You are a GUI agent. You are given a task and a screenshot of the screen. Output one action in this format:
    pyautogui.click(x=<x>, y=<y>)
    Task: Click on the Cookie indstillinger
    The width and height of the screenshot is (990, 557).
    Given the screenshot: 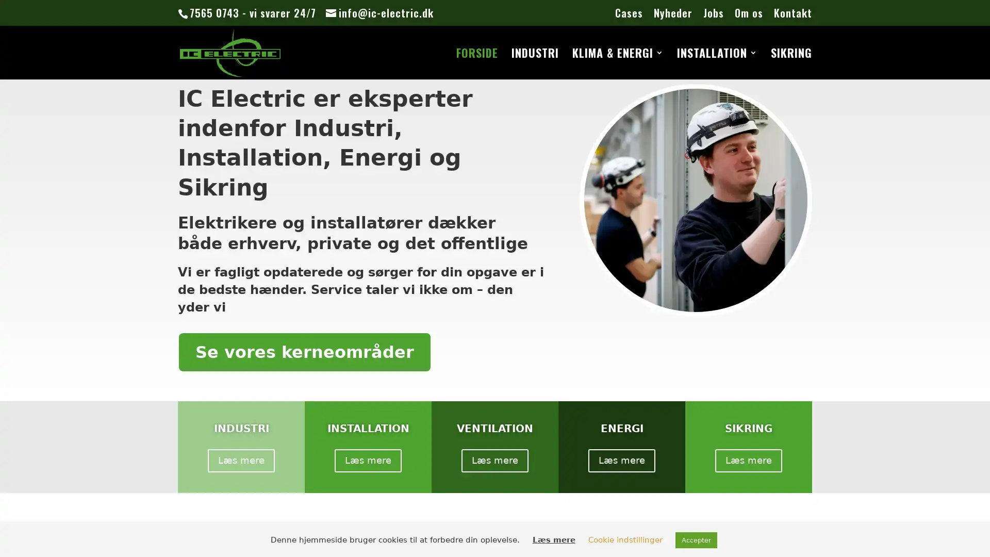 What is the action you would take?
    pyautogui.click(x=624, y=539)
    